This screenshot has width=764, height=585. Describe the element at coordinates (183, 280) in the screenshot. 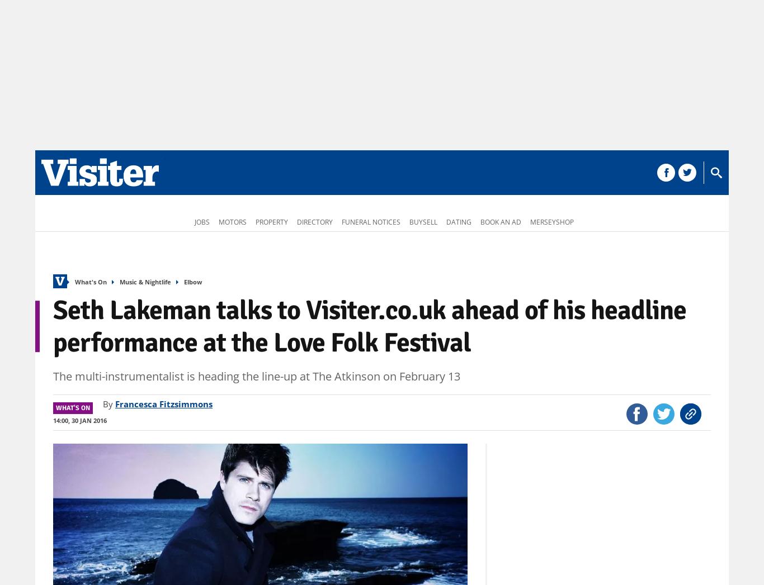

I see `'Elbow'` at that location.